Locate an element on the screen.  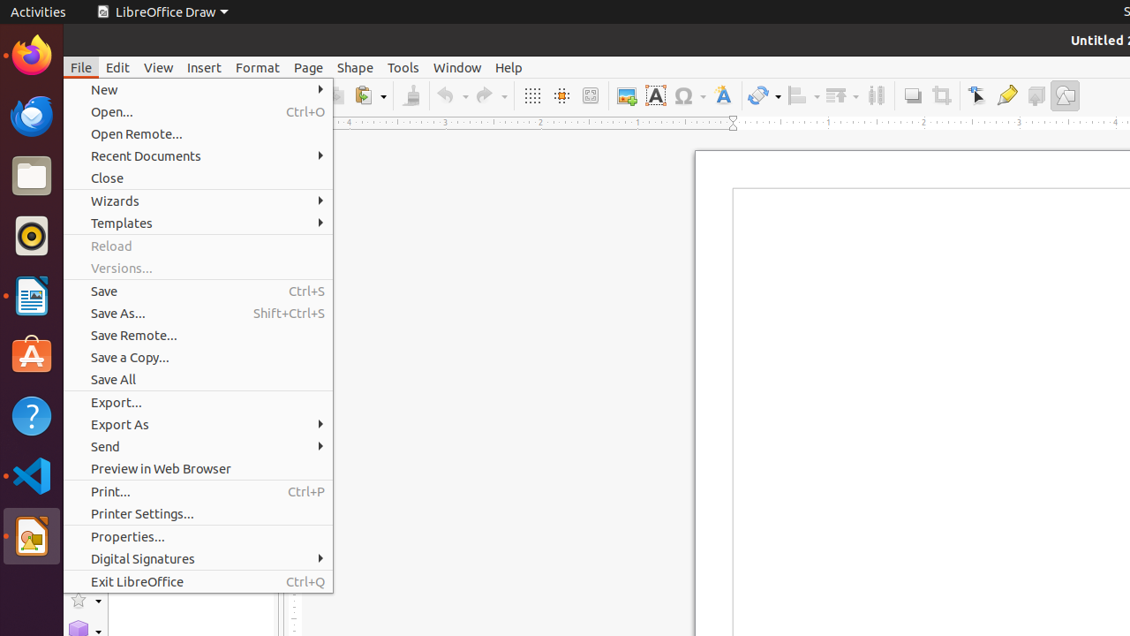
'Export As' is located at coordinates (198, 424).